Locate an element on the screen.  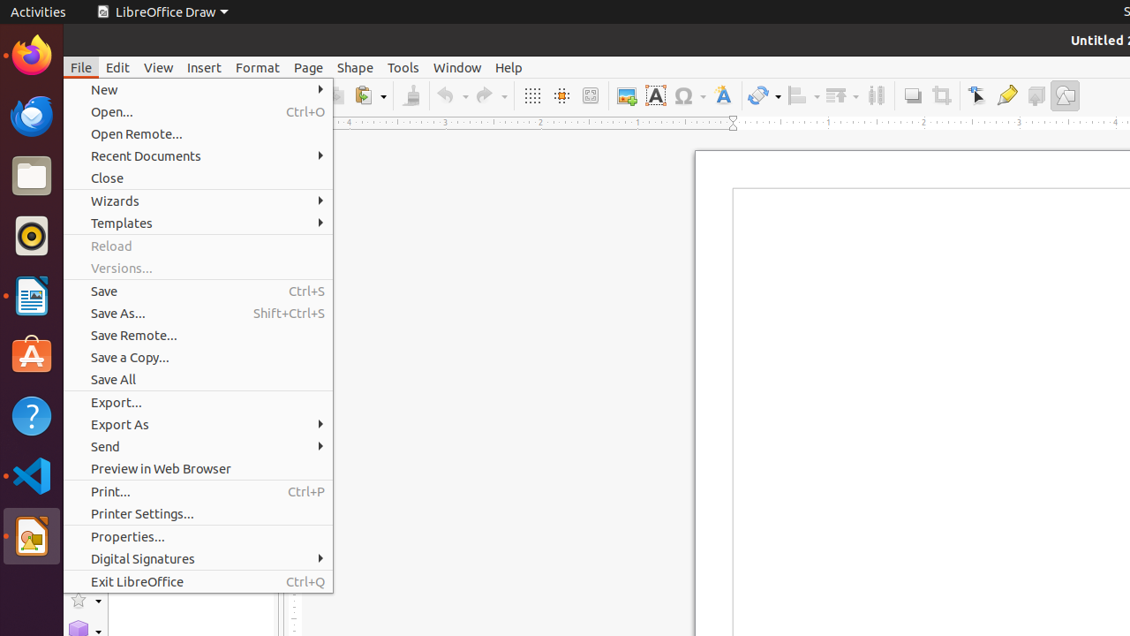
'Export As' is located at coordinates (198, 424).